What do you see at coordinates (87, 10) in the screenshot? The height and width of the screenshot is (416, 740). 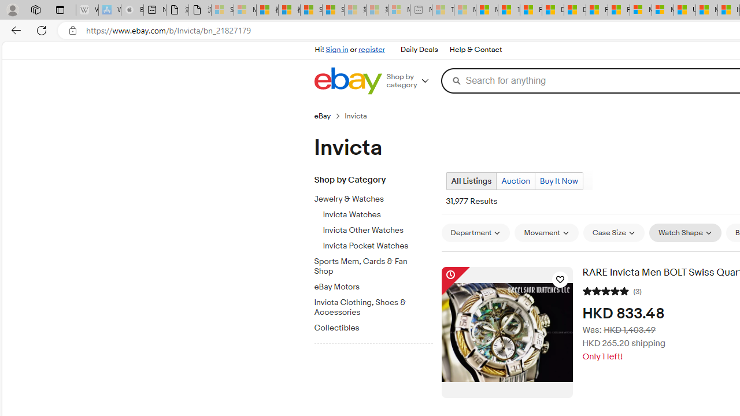 I see `'Wikipedia - Sleeping'` at bounding box center [87, 10].